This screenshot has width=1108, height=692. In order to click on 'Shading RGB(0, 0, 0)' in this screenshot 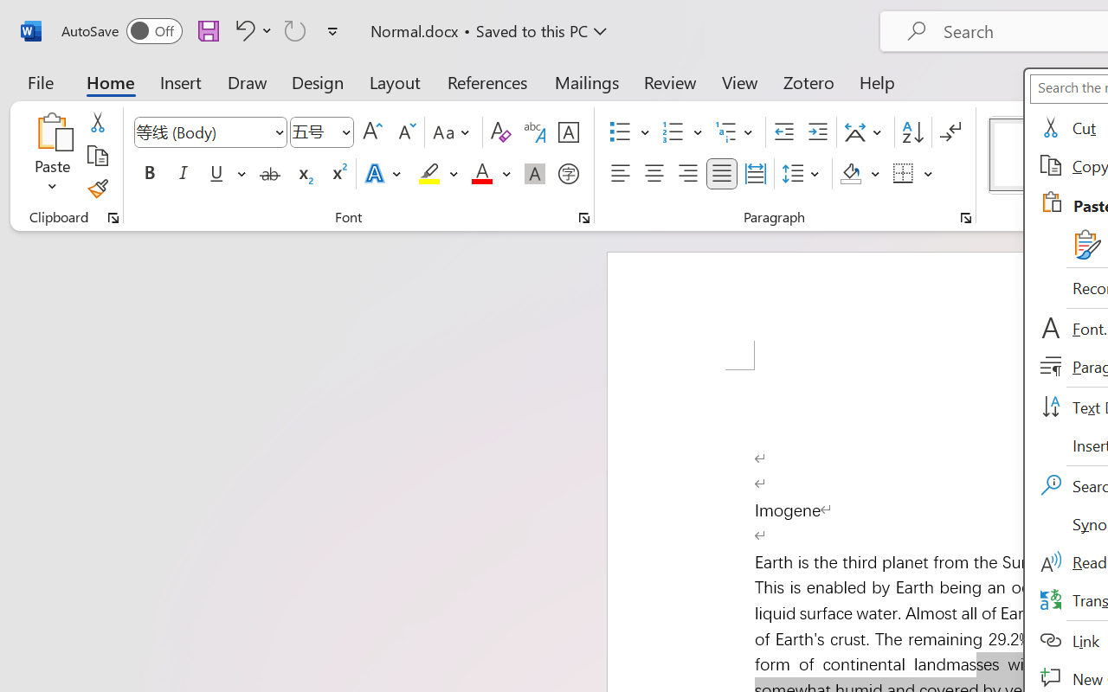, I will do `click(851, 174)`.